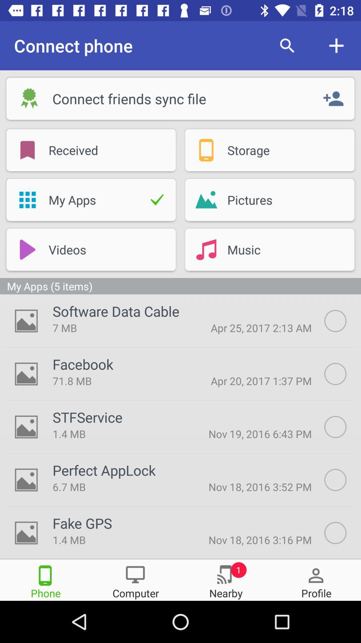 This screenshot has height=643, width=361. What do you see at coordinates (206, 150) in the screenshot?
I see `app to the right of the received item` at bounding box center [206, 150].